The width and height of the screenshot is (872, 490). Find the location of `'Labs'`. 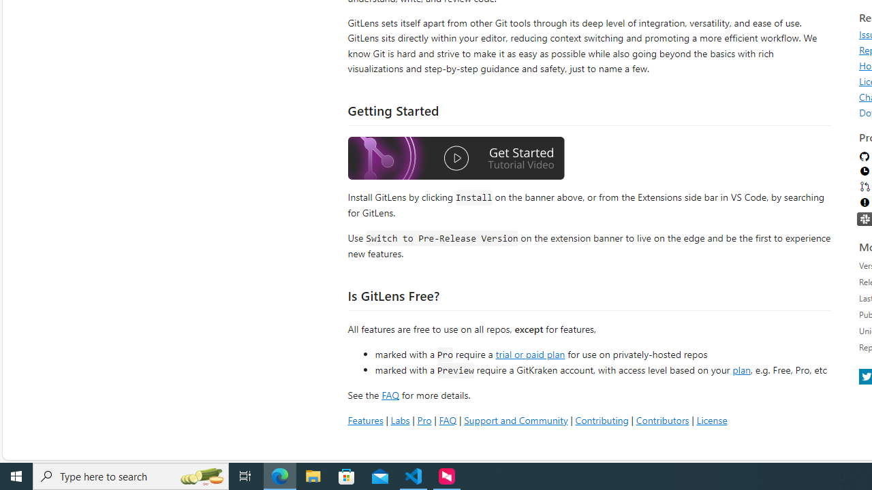

'Labs' is located at coordinates (399, 419).